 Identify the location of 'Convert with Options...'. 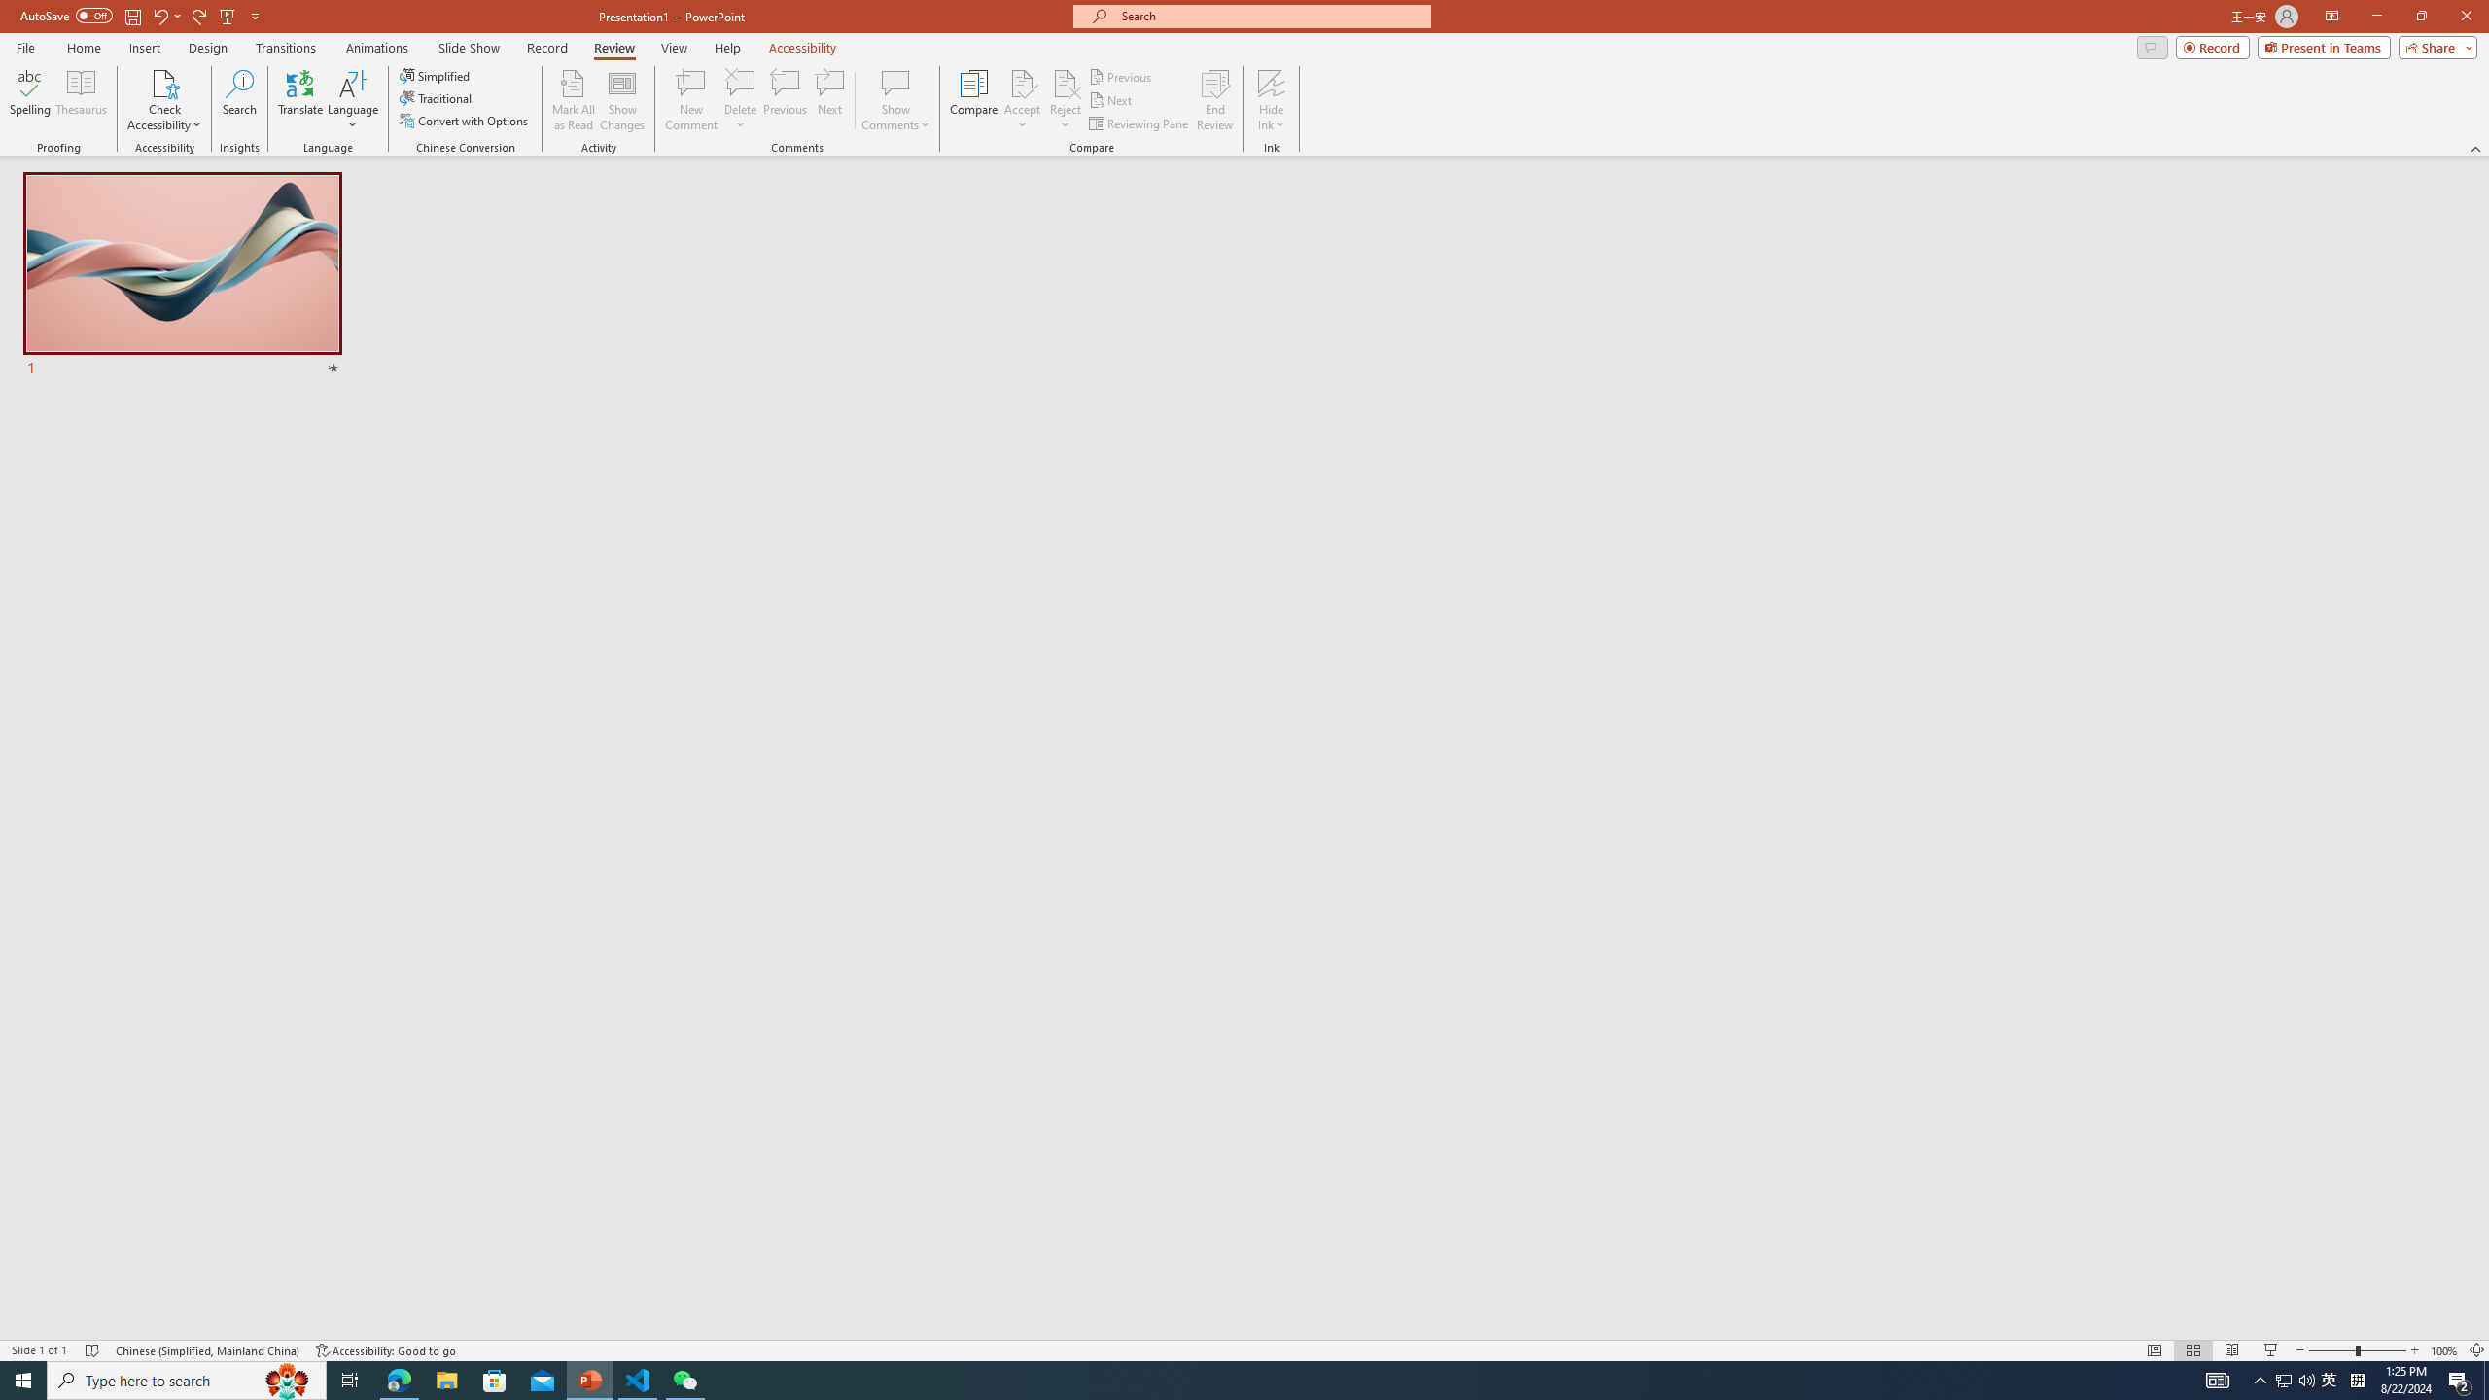
(464, 119).